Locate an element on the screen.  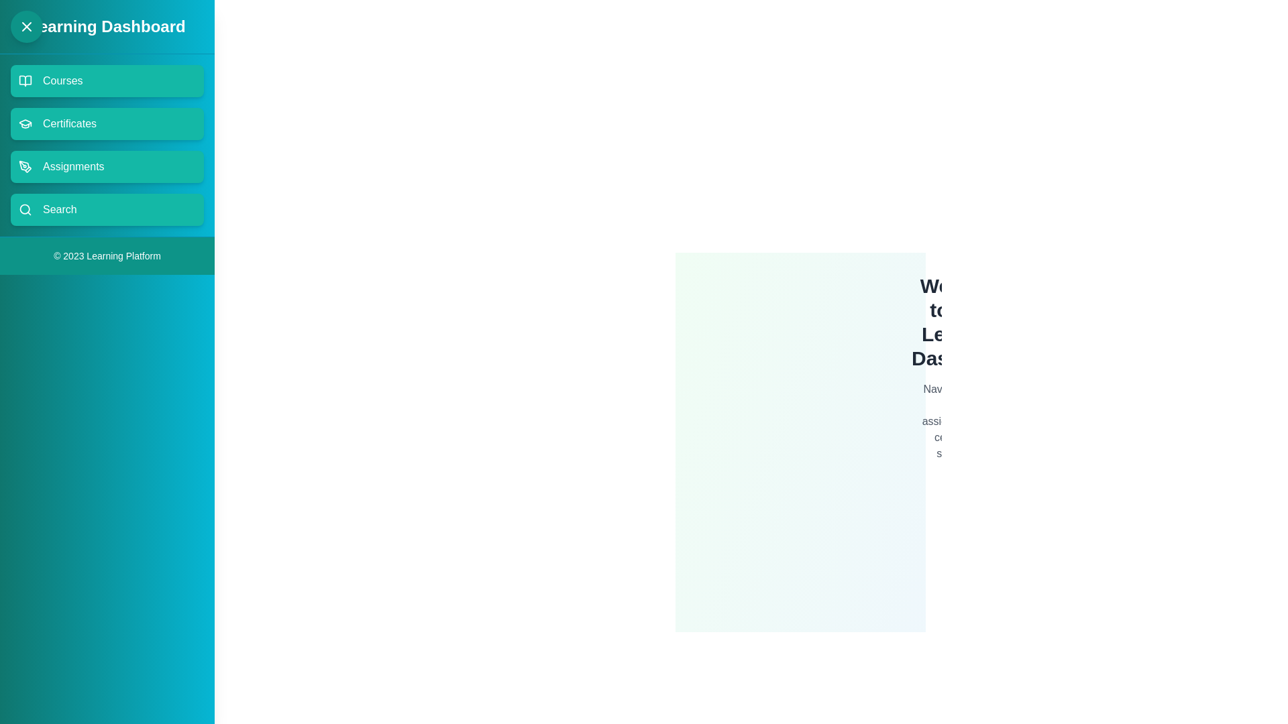
the 'Courses' button, which is the topmost button in the vertical navigation menu is located at coordinates (62, 80).